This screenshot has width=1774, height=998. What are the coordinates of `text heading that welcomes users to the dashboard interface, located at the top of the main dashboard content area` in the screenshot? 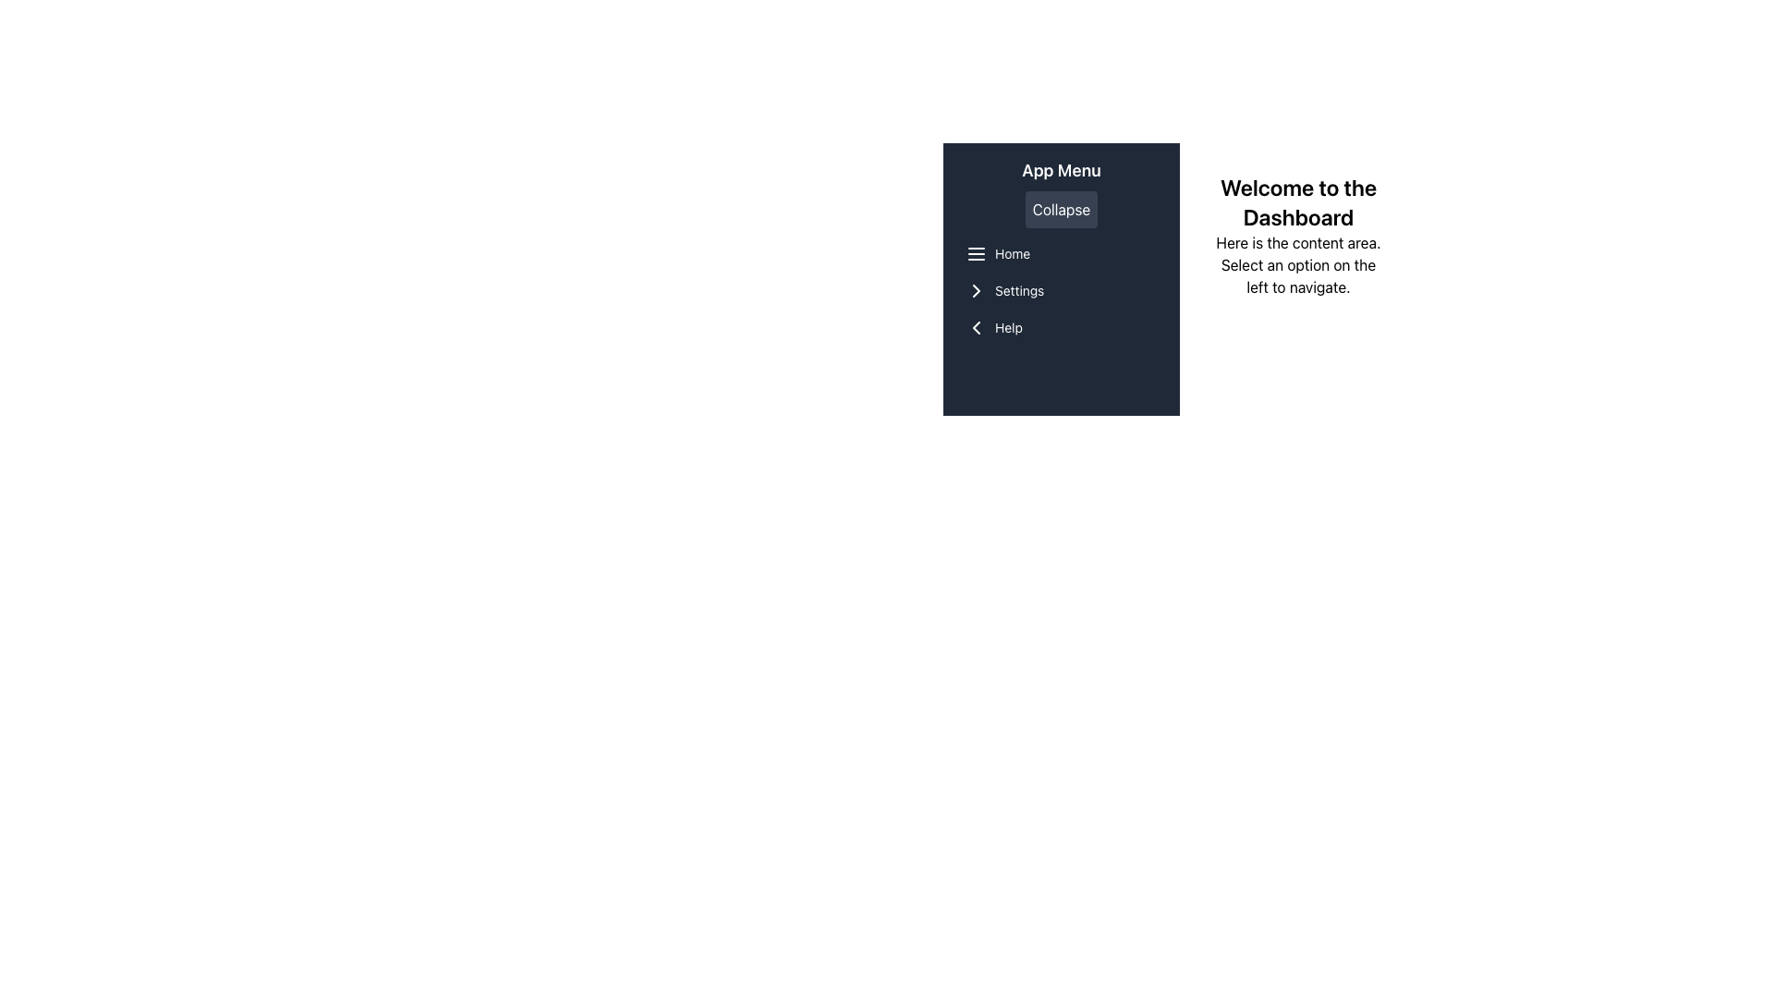 It's located at (1297, 202).